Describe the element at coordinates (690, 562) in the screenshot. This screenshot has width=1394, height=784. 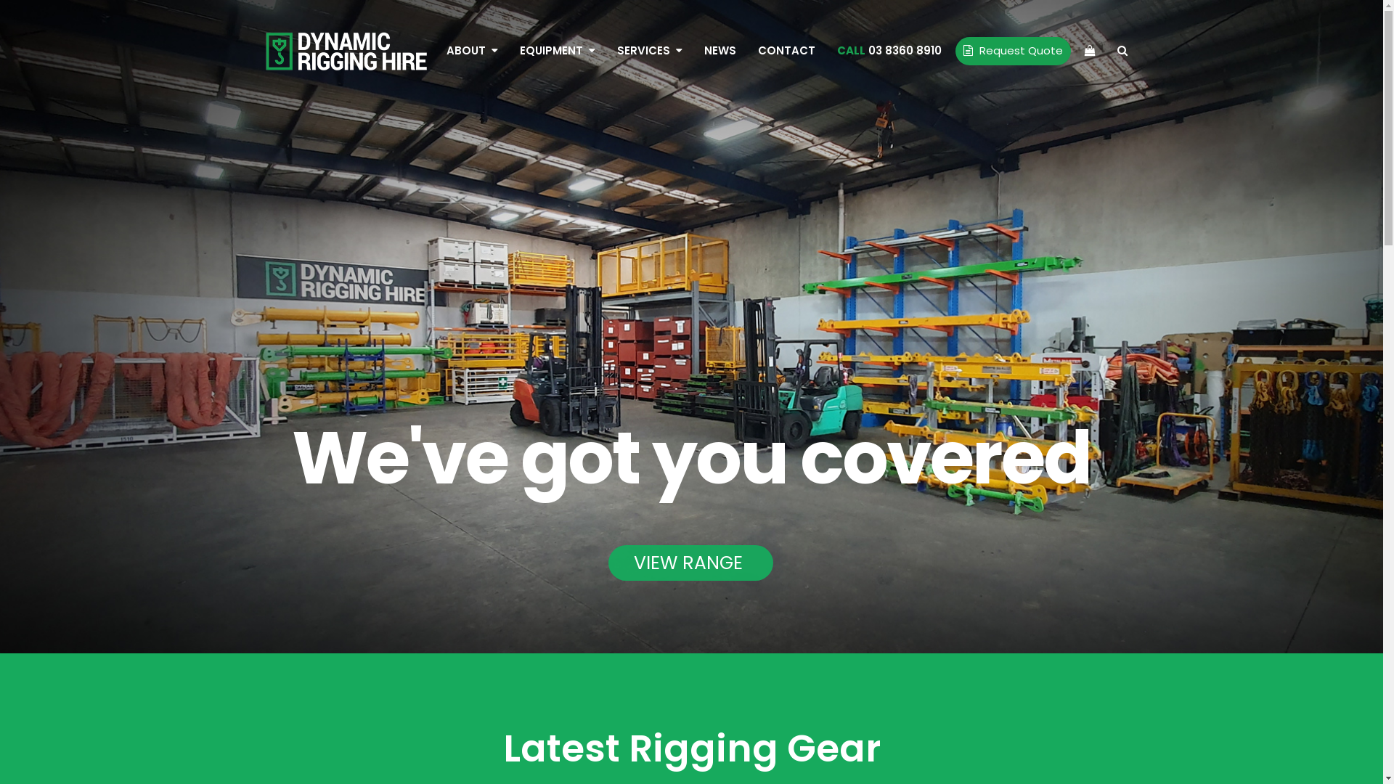
I see `'VIEW RANGE'` at that location.